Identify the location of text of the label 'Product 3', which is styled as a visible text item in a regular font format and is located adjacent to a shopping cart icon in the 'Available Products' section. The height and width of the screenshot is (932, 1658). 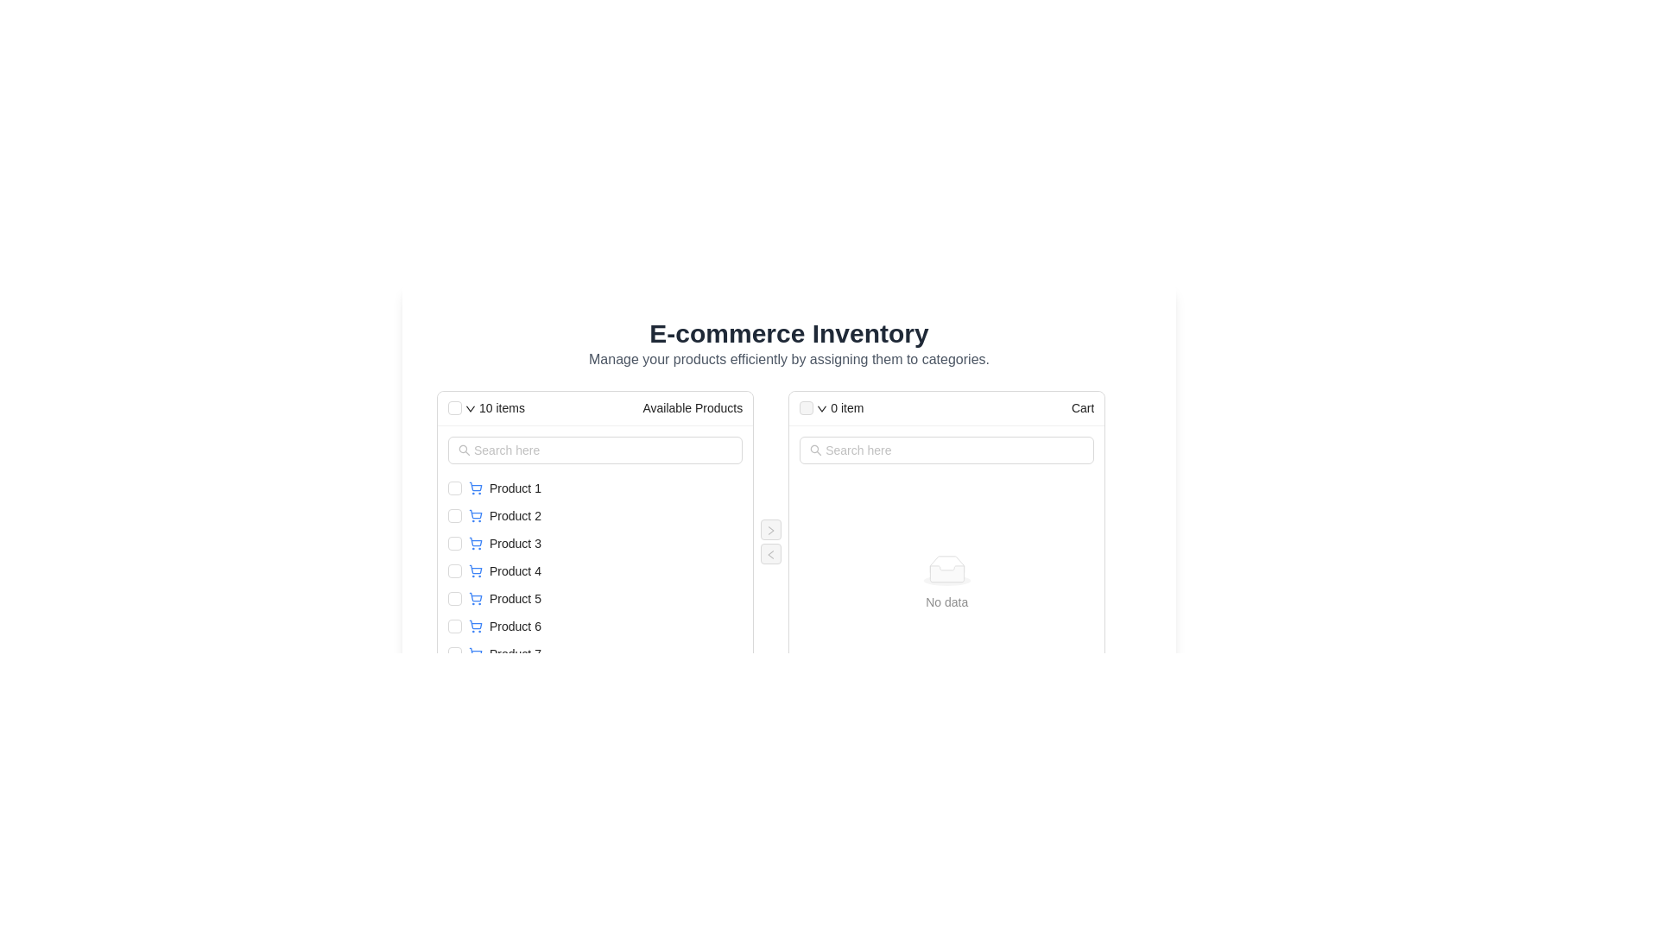
(514, 542).